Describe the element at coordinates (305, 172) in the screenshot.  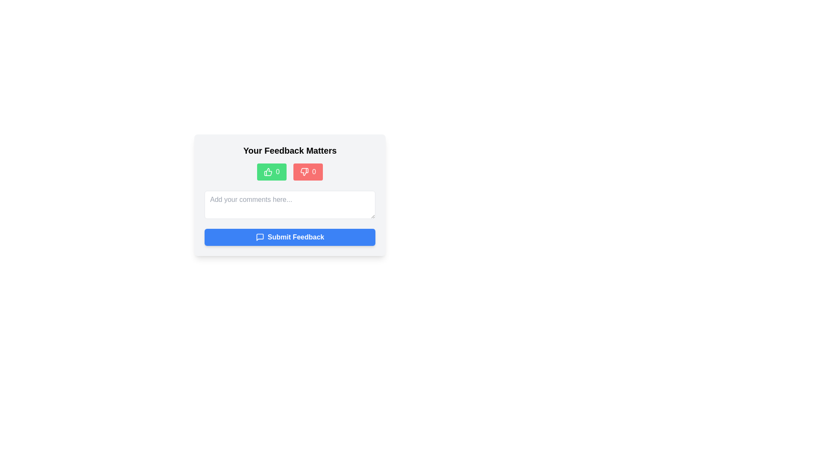
I see `the negative feedback icon located in the red feedback button to register a downvote` at that location.